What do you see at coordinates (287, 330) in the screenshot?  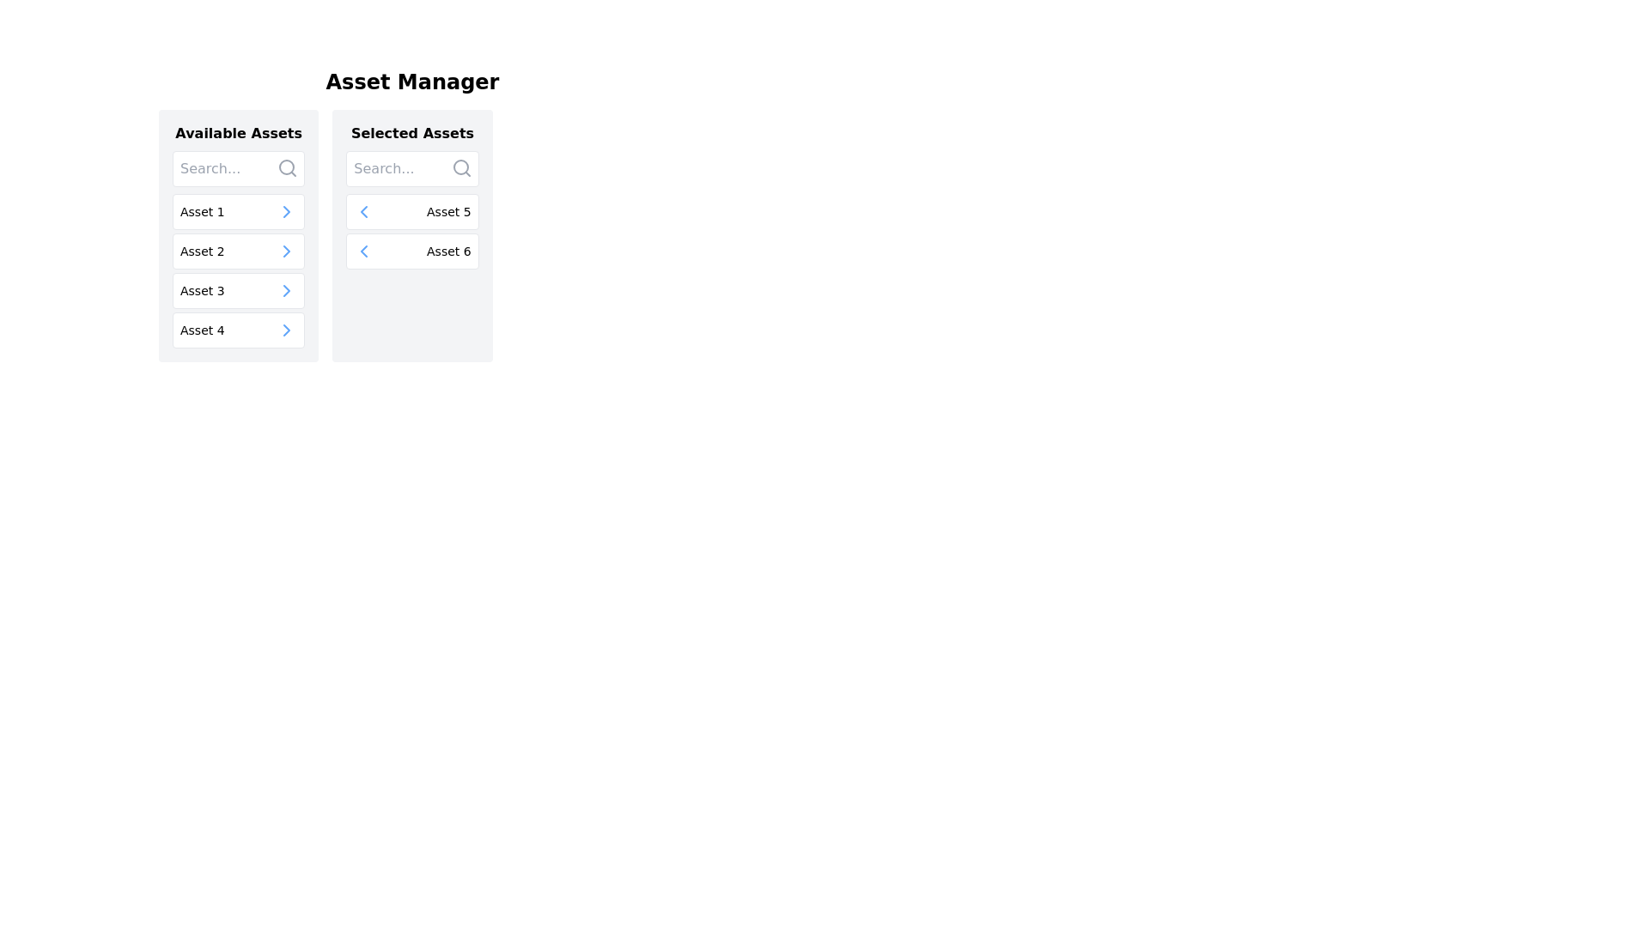 I see `the rightward arrow icon located in the fourth row of the 'Available Assets' column, adjacent to 'Asset 4'` at bounding box center [287, 330].